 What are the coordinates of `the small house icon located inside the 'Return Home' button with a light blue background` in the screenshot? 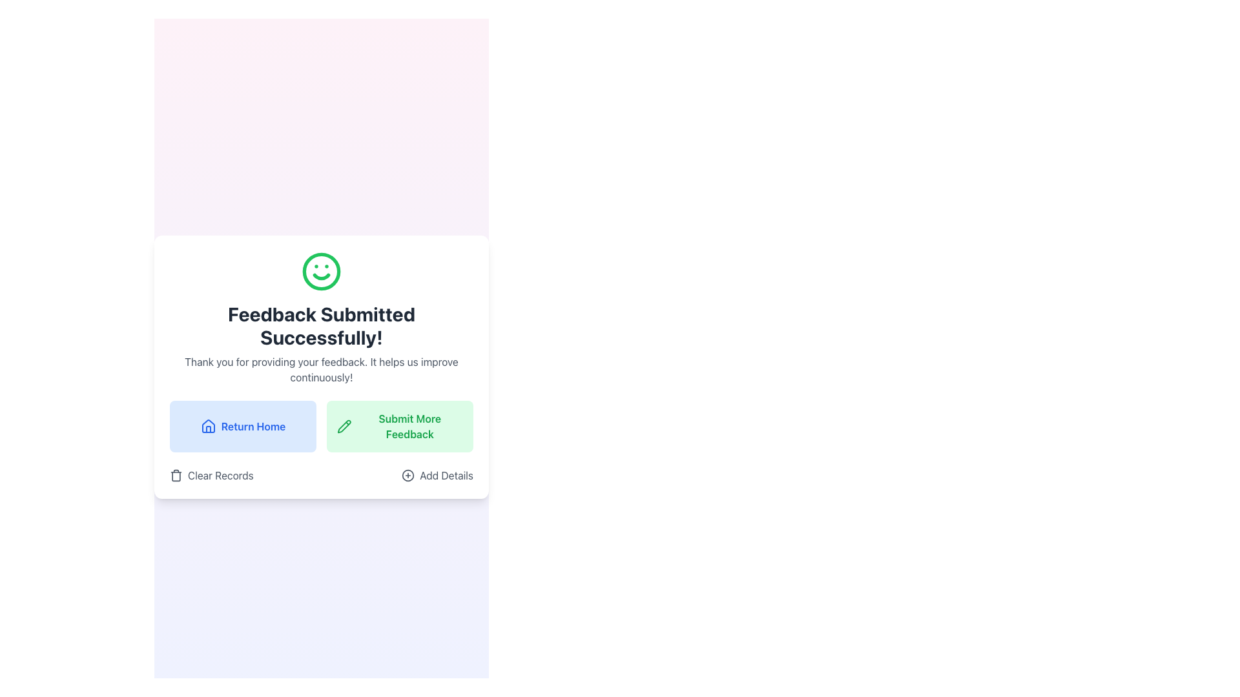 It's located at (208, 426).